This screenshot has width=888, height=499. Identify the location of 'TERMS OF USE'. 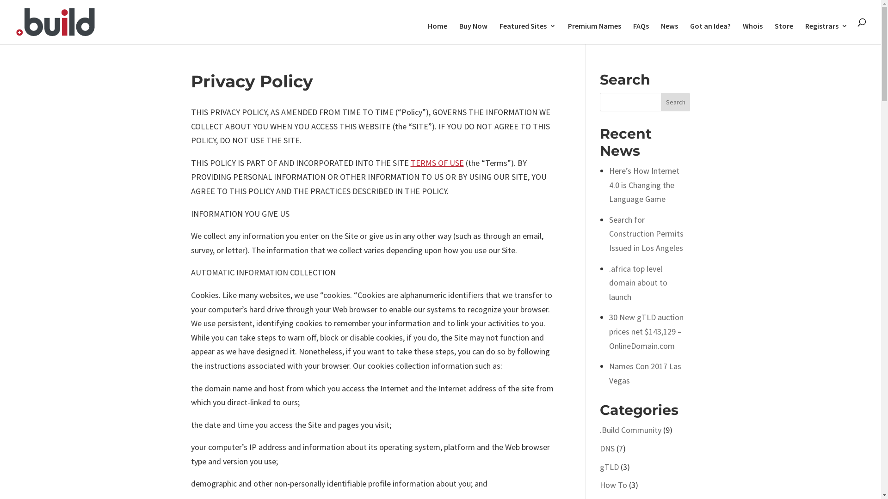
(437, 162).